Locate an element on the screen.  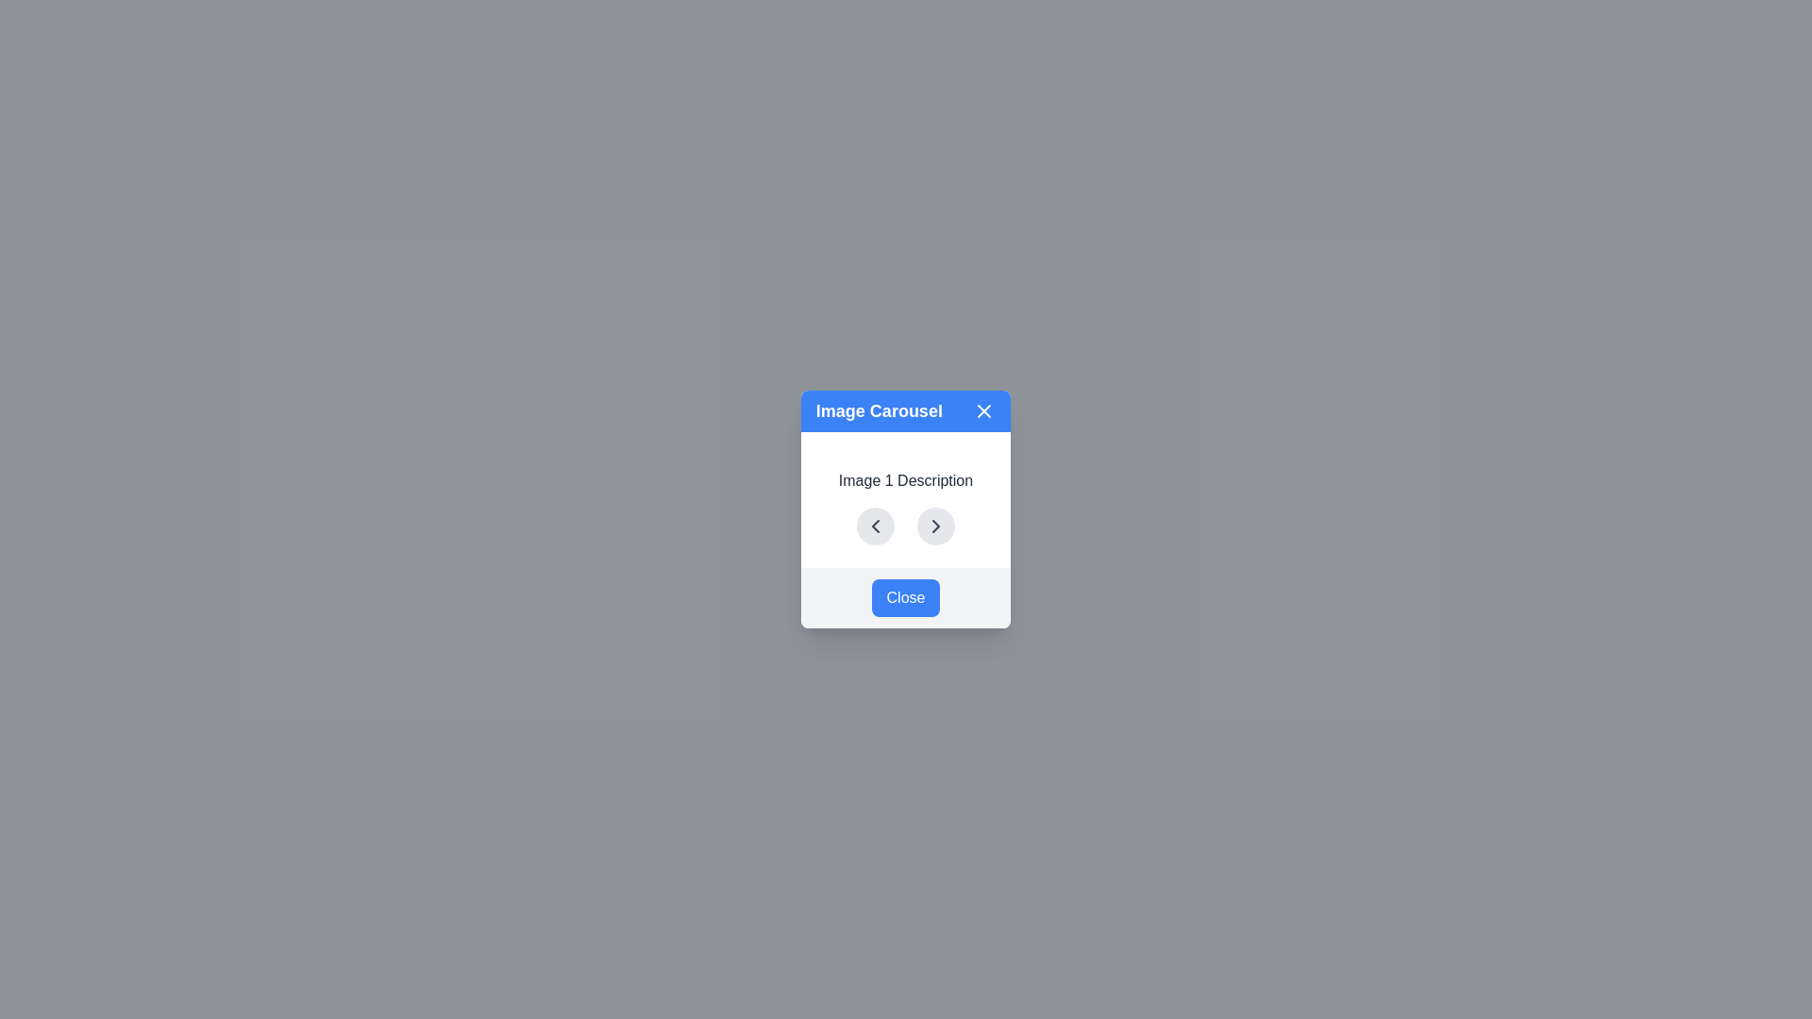
the close button icon located at the top-right corner of the 'Image Carousel' dialog box to trigger a visual response is located at coordinates (983, 409).